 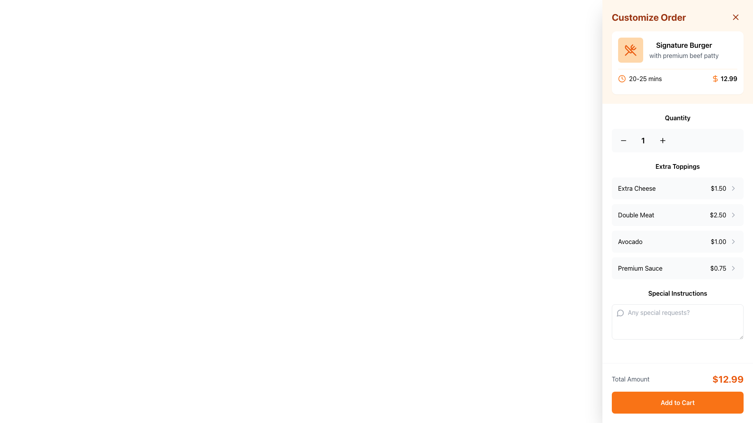 I want to click on the bold text label 'Extra Toppings' which serves as a header for the list of selectable options, located below the 'Quantity' section, so click(x=677, y=166).